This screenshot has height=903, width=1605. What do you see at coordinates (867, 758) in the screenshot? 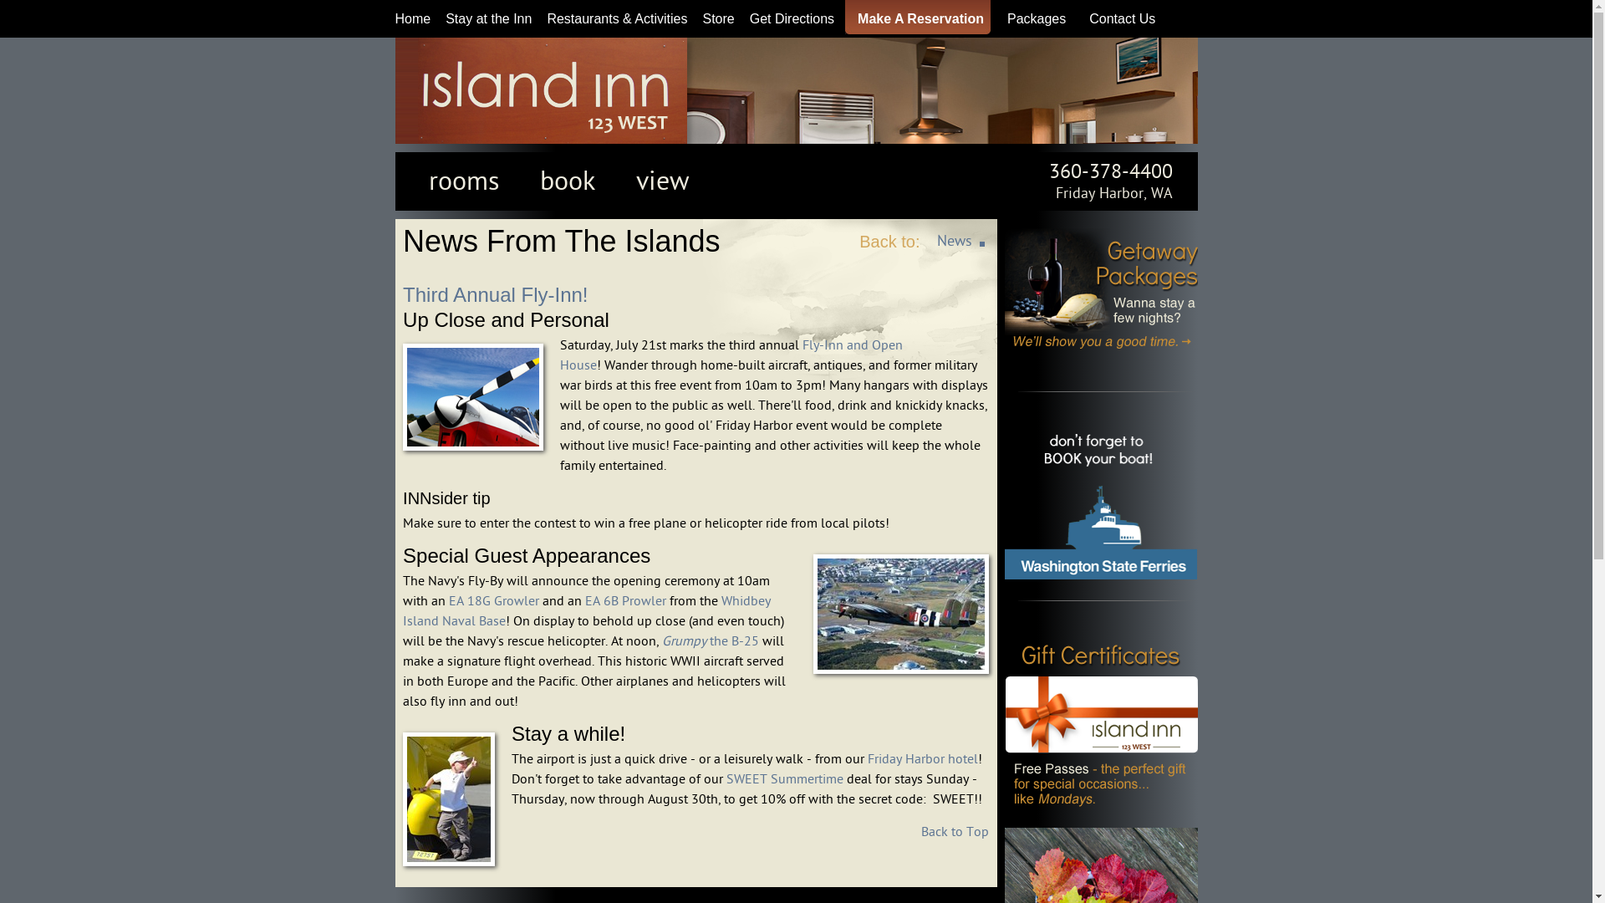
I see `'Friday Harbor hotel'` at bounding box center [867, 758].